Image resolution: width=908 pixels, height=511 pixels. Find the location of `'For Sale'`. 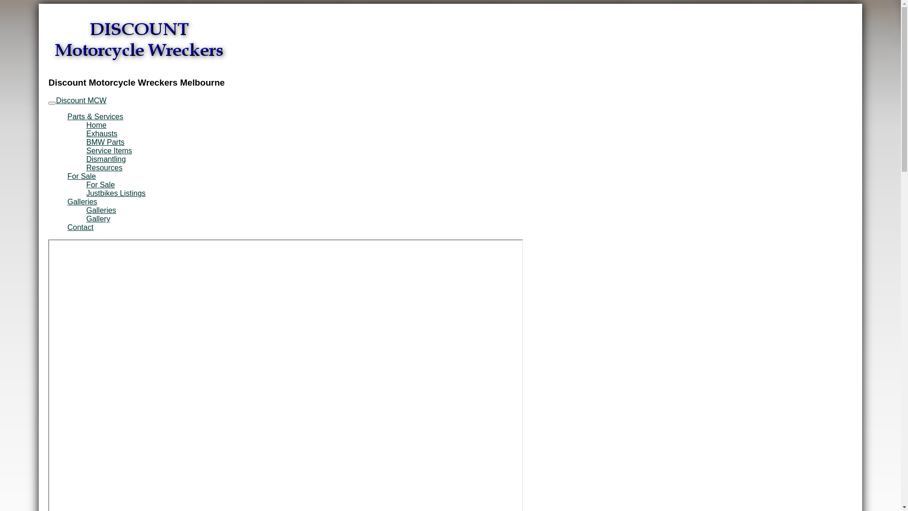

'For Sale' is located at coordinates (100, 185).